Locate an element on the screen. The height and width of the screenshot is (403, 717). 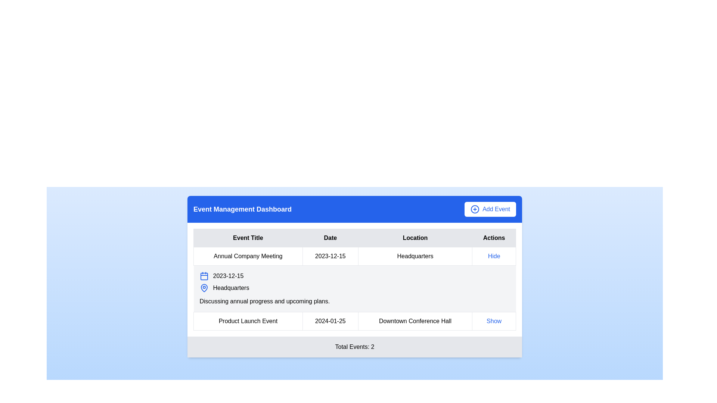
the 'Actions' header label located in the top-right corner of the table is located at coordinates (494, 238).